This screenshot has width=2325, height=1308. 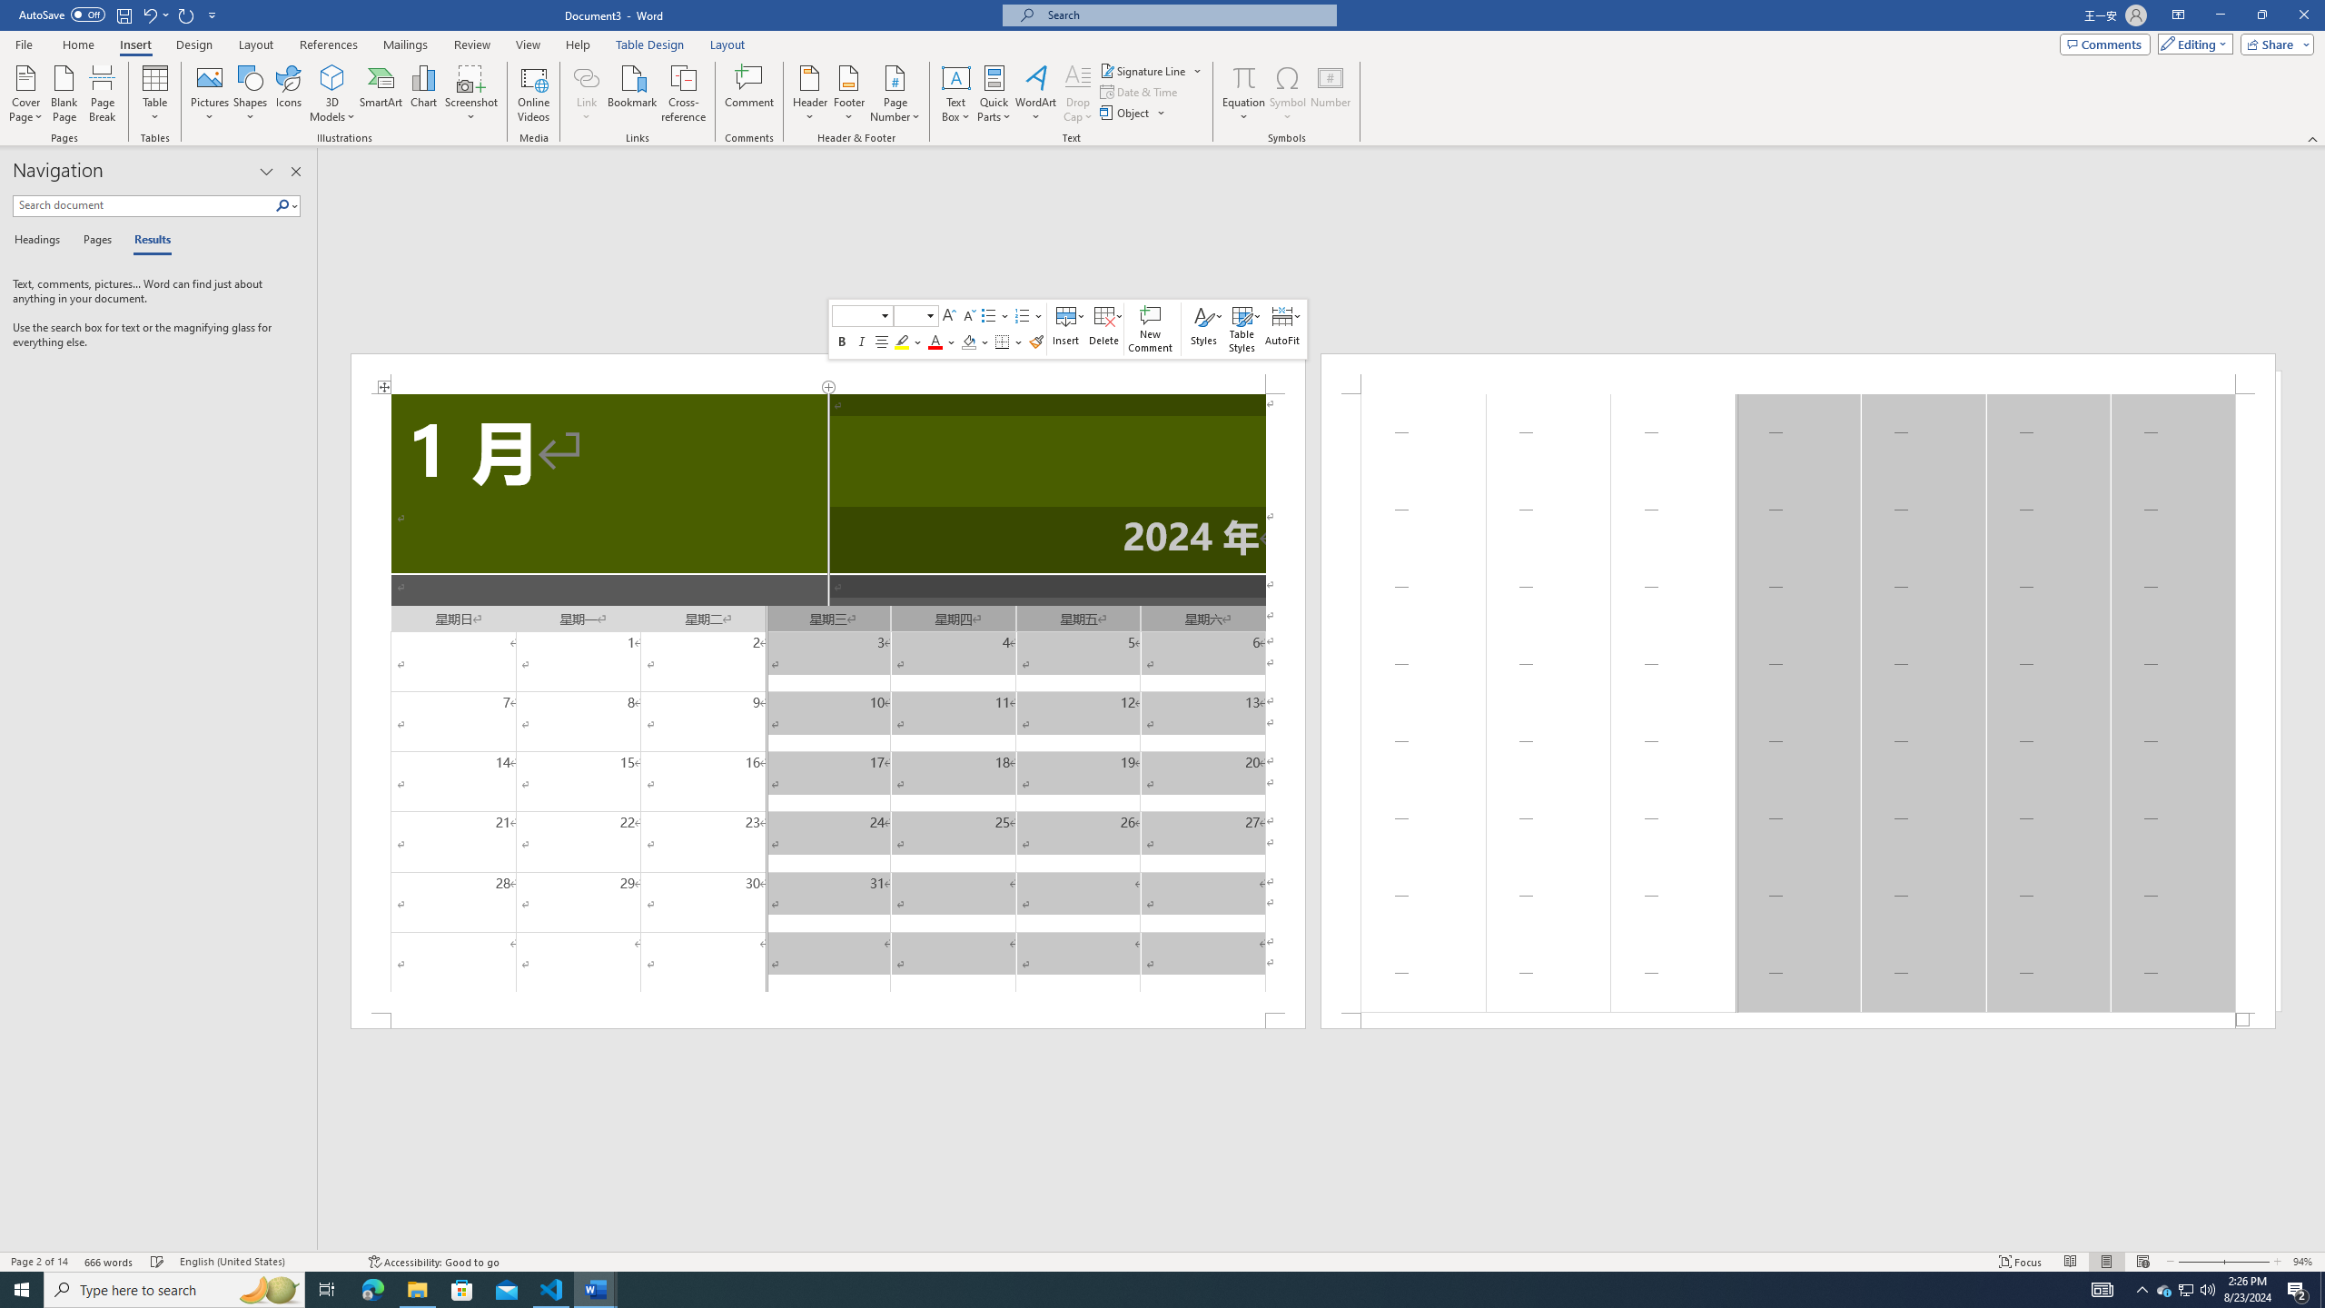 I want to click on 'AutoFit', so click(x=1283, y=328).